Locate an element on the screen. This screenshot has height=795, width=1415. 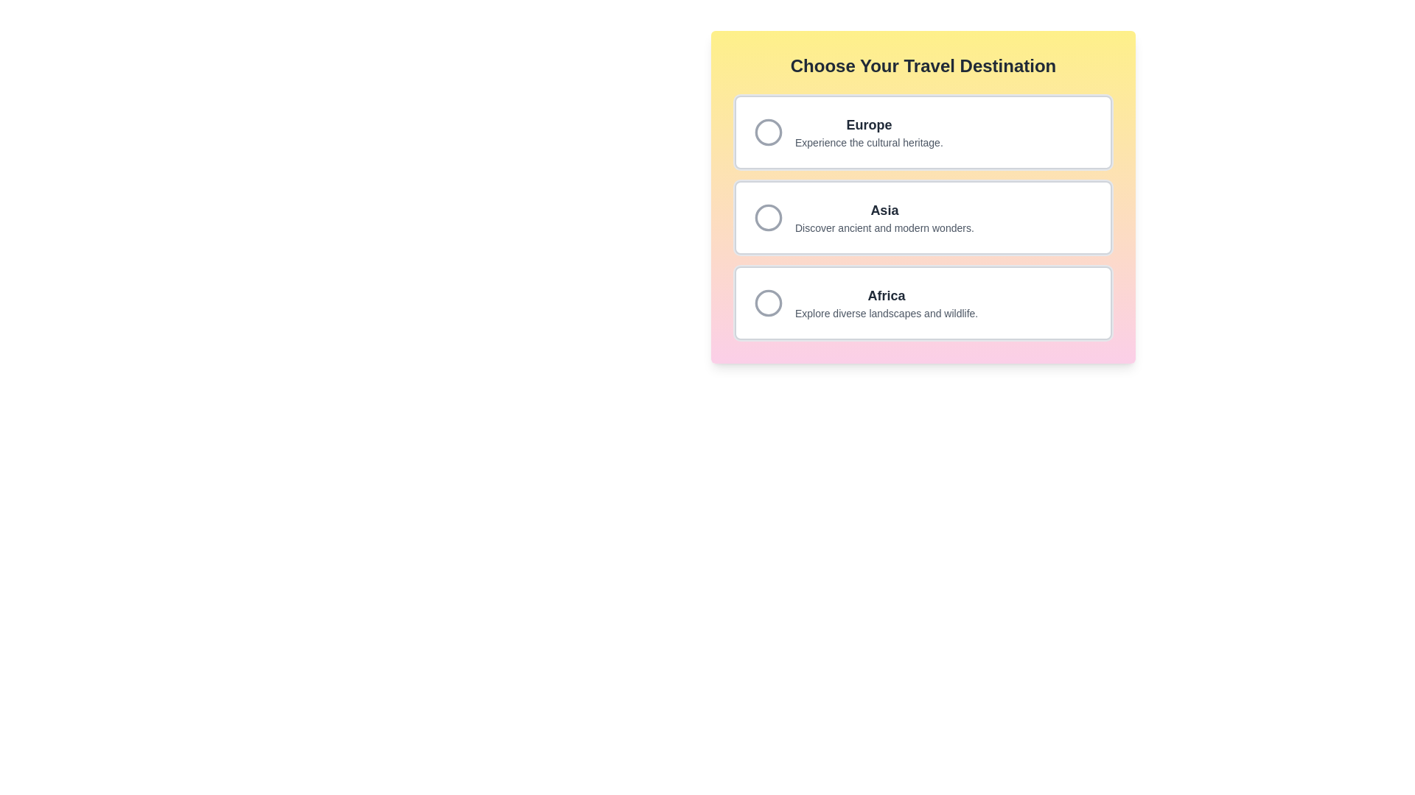
the text display that represents the option 'Asia', located between 'Europe' and 'Africa' in the travel-related context is located at coordinates (884, 218).